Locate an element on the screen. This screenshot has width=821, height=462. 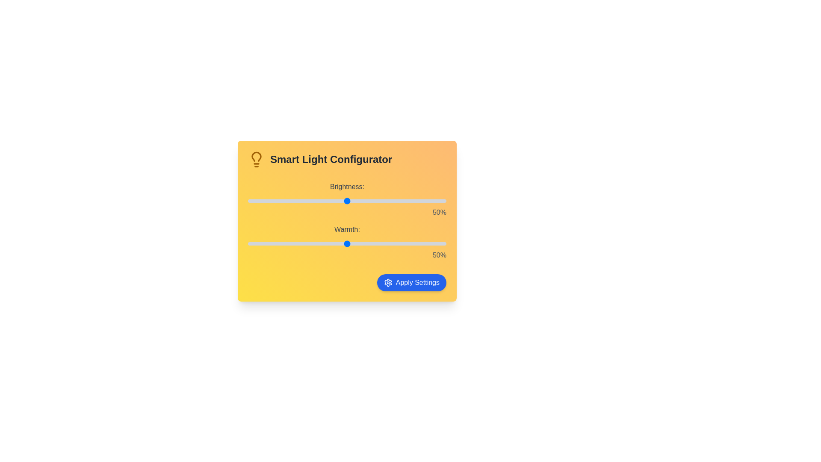
the warmth level is located at coordinates (249, 244).